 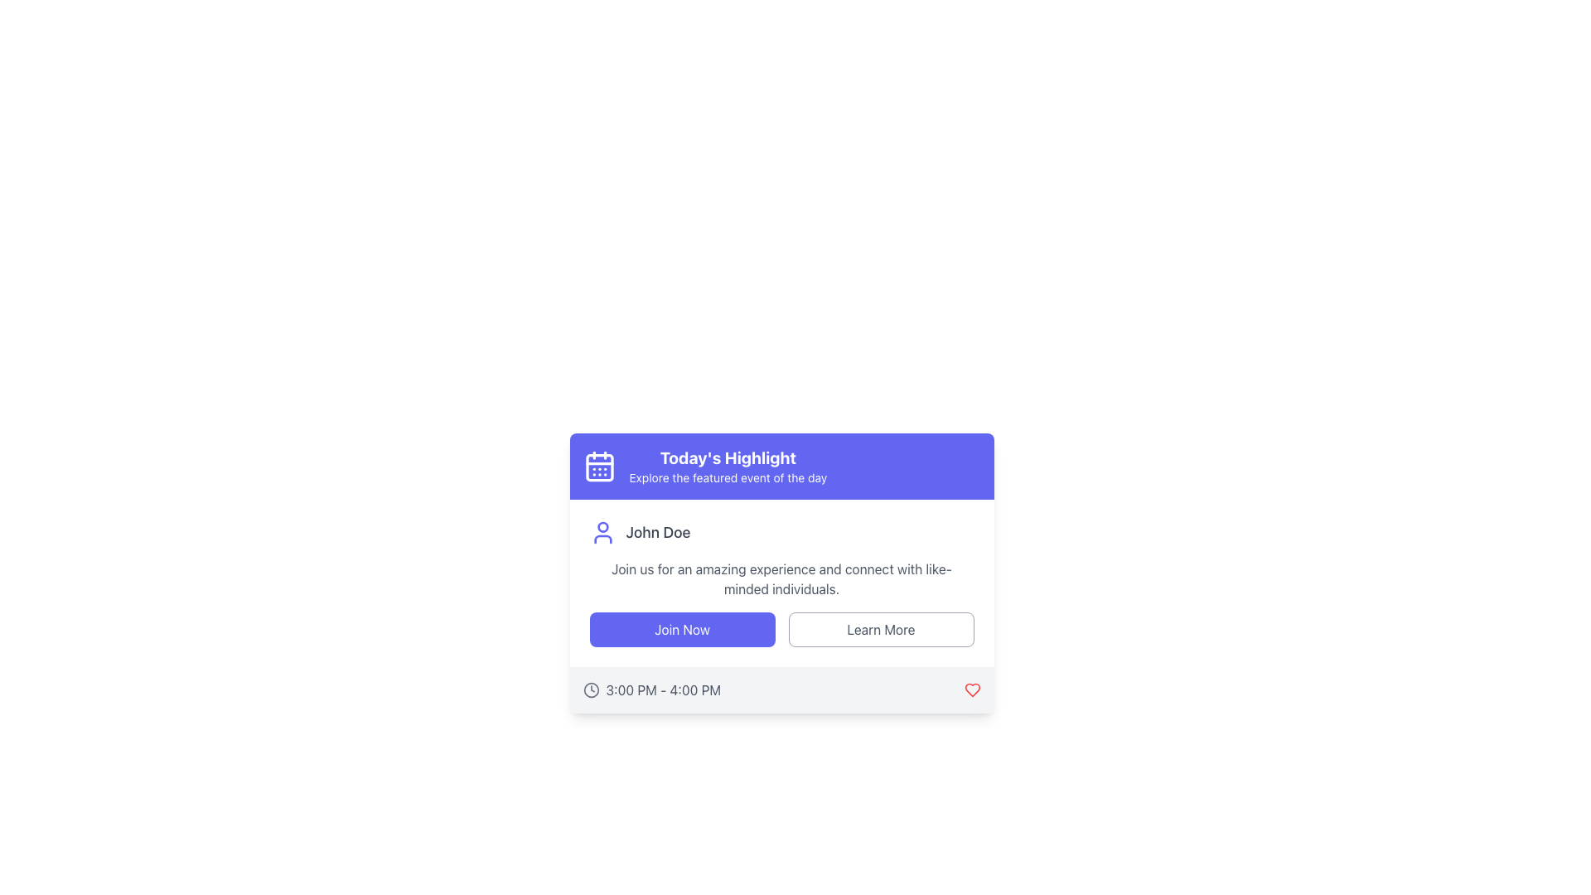 I want to click on the time display element located in the footer of the highlighted card, positioned to the left and adjacent to the heart icon, so click(x=650, y=690).